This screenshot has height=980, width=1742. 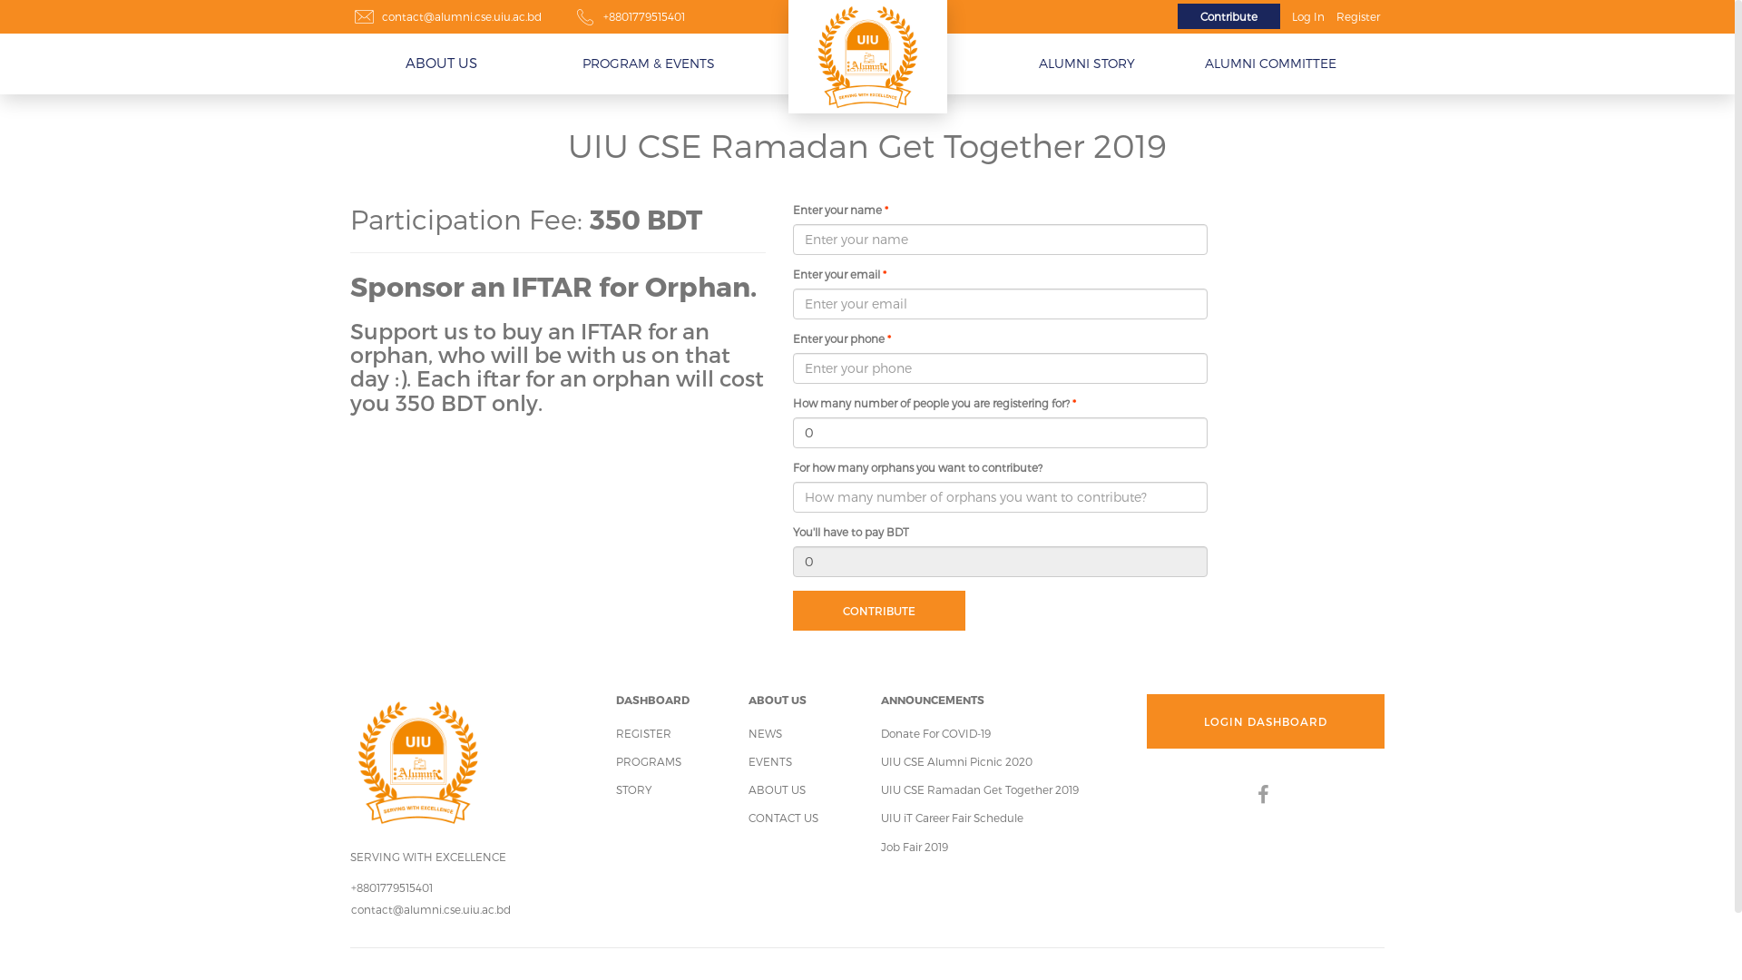 What do you see at coordinates (765, 731) in the screenshot?
I see `'NEWS'` at bounding box center [765, 731].